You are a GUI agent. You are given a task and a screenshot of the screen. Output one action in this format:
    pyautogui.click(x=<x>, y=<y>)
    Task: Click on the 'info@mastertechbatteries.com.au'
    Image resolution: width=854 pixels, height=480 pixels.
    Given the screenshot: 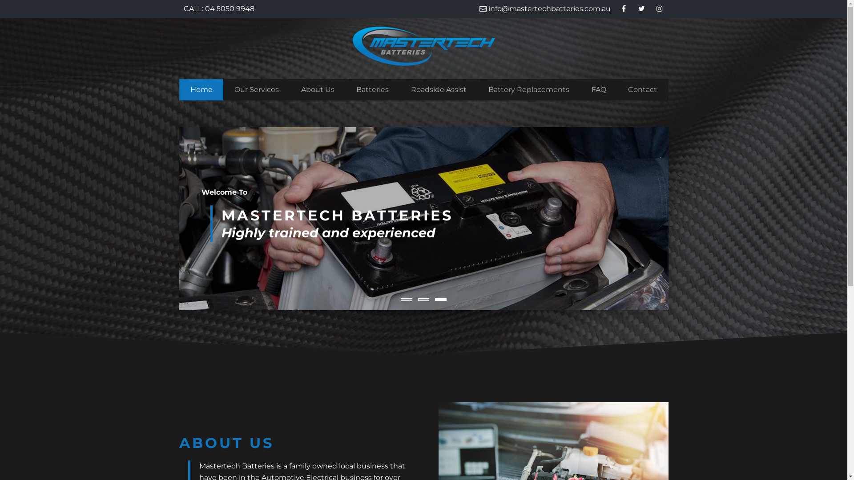 What is the action you would take?
    pyautogui.click(x=544, y=8)
    